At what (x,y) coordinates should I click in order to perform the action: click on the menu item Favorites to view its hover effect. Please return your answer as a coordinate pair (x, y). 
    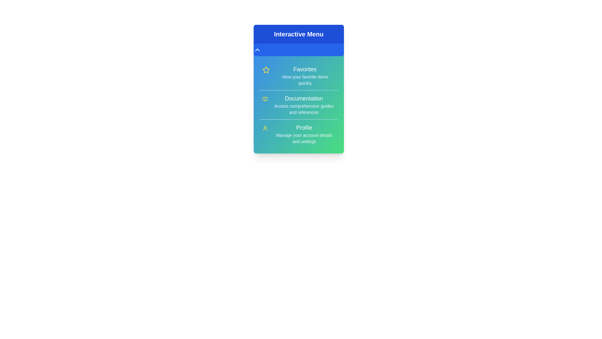
    Looking at the image, I should click on (298, 75).